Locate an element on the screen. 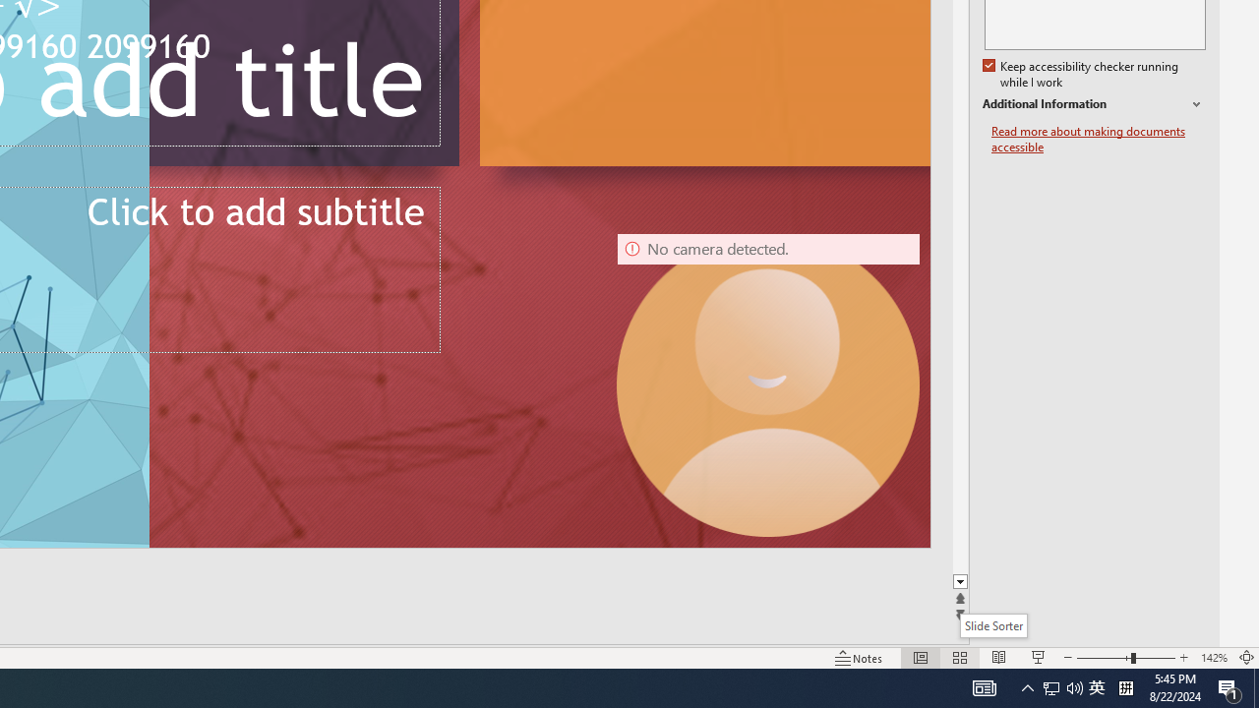 The width and height of the screenshot is (1259, 708). 'Zoom Out' is located at coordinates (1103, 658).